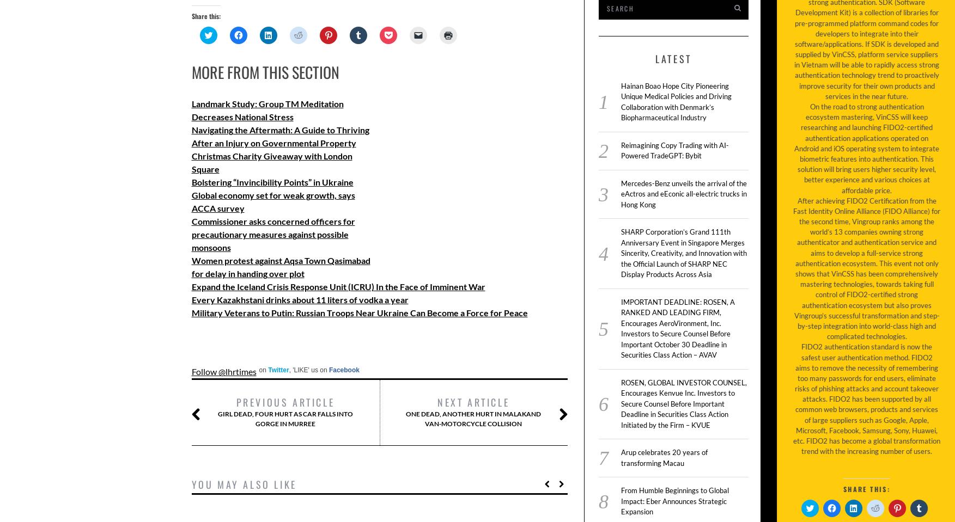 The image size is (955, 522). Describe the element at coordinates (284, 419) in the screenshot. I see `'Girl dead, four hurt as car falls into gorge in Murree'` at that location.